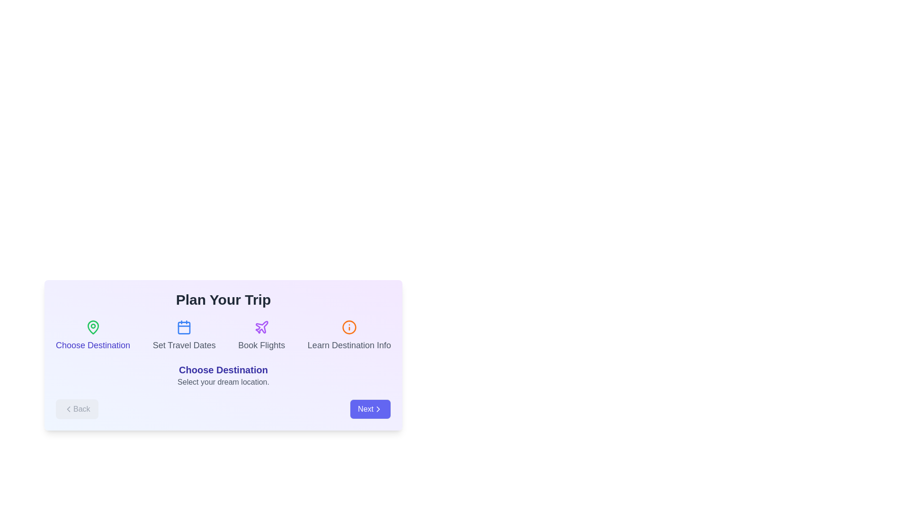 This screenshot has width=909, height=511. I want to click on the purple airplane icon above the text 'Book Flights' in the Composite element, so click(261, 335).